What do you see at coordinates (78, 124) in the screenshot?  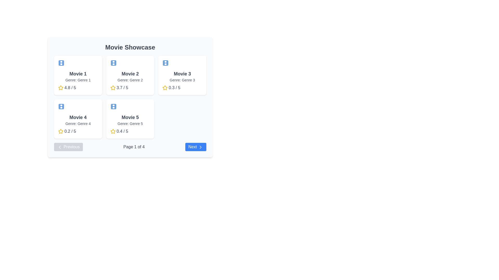 I see `the text label displaying 'Genre: Genre 4', which is located below the title 'Movie 4' in the third card of the first row` at bounding box center [78, 124].